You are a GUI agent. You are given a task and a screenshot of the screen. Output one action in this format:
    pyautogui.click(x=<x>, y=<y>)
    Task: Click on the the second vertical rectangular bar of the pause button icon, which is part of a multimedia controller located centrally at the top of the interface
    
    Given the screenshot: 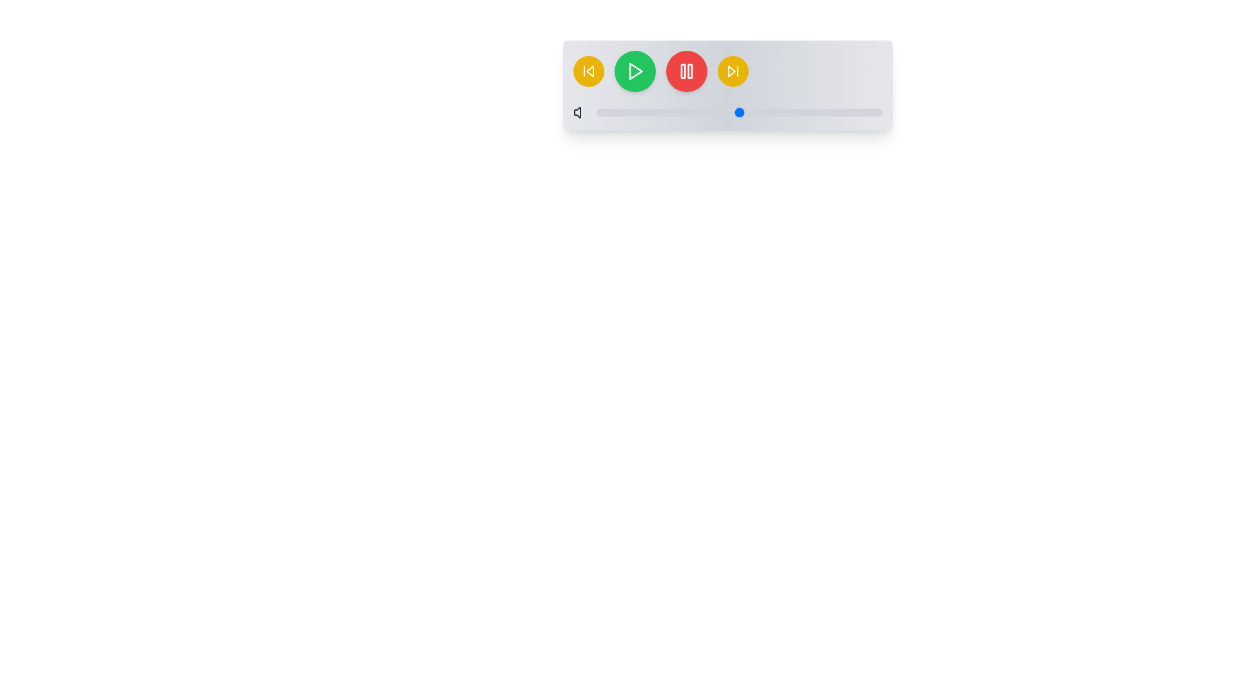 What is the action you would take?
    pyautogui.click(x=689, y=71)
    